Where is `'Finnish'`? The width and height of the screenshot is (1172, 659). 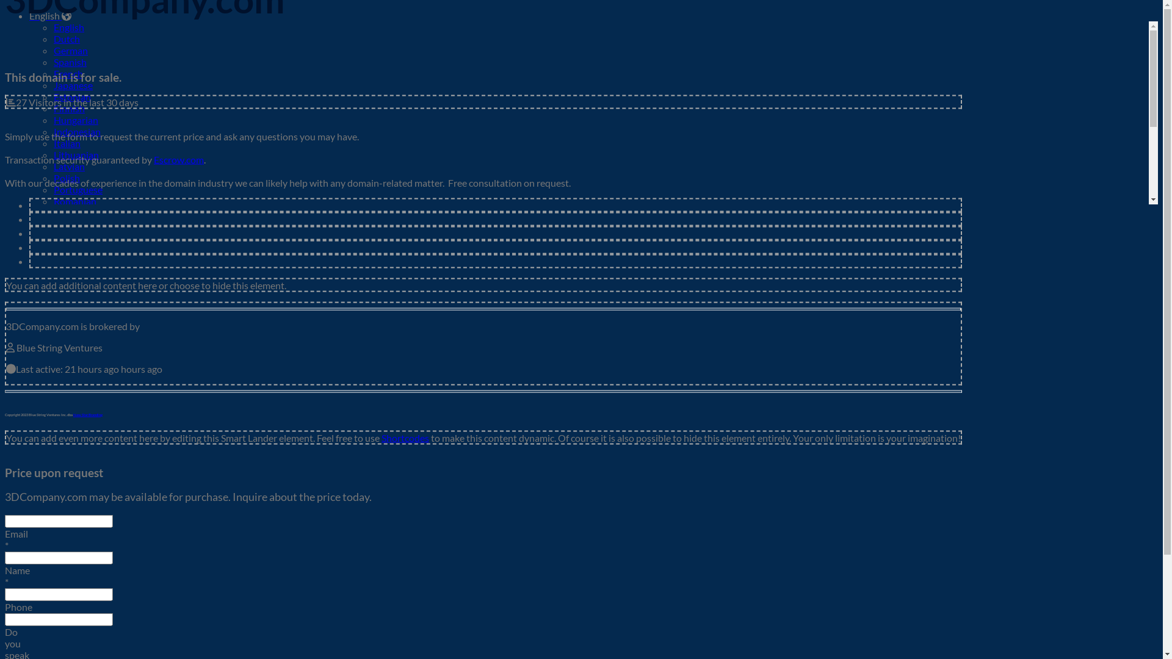 'Finnish' is located at coordinates (52, 107).